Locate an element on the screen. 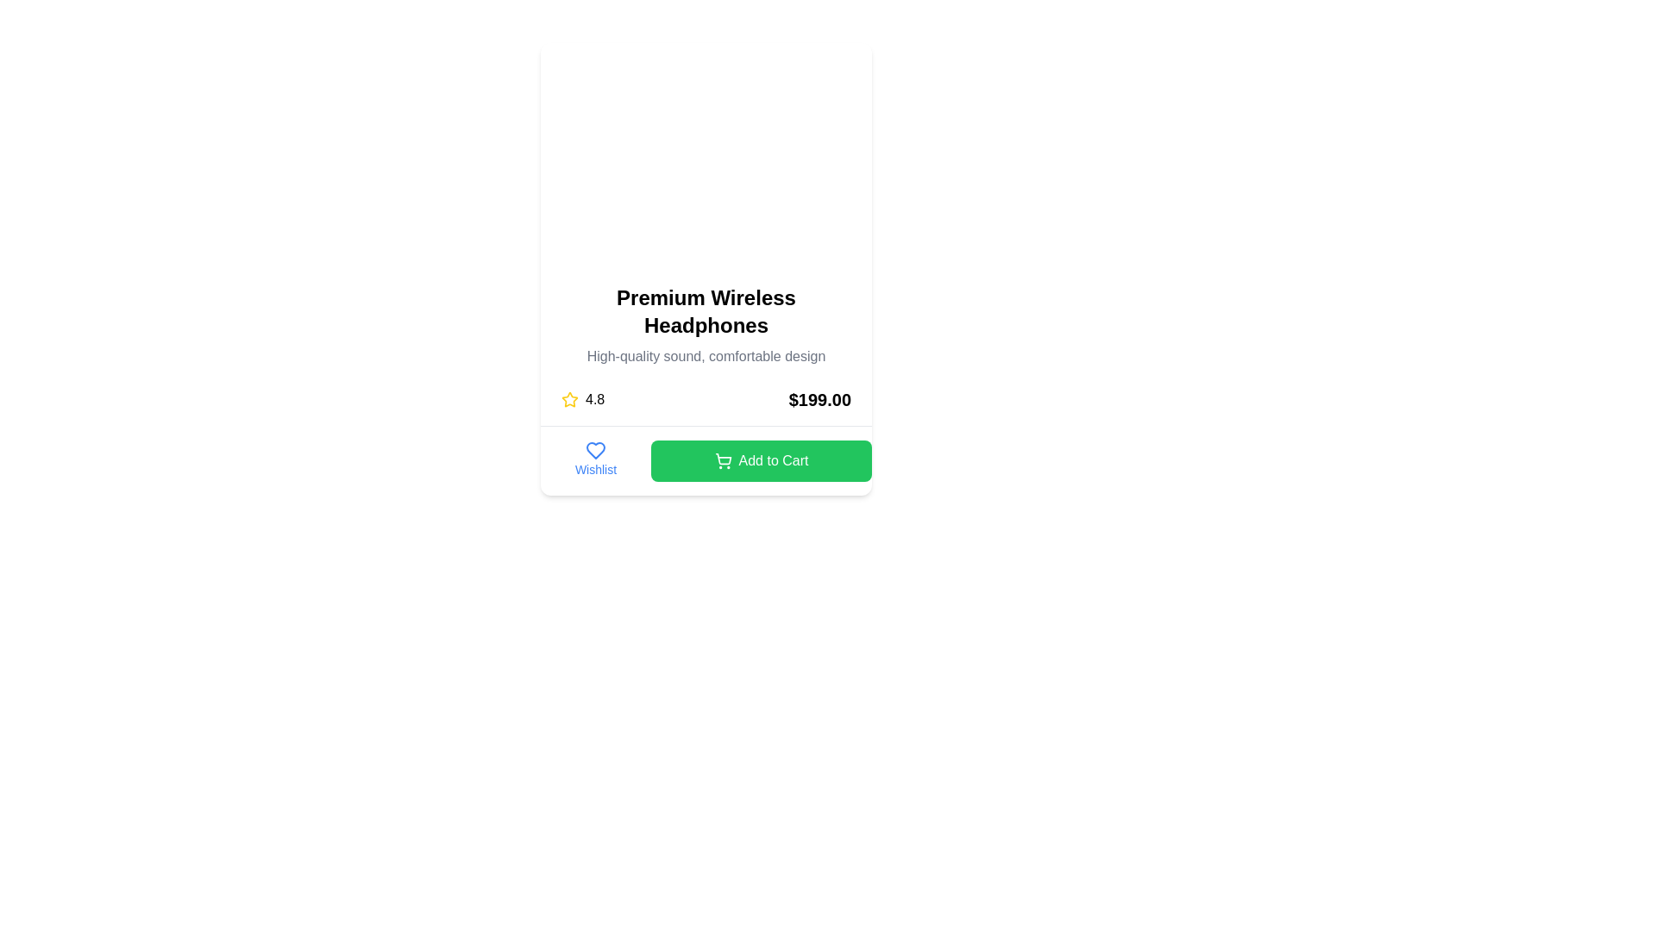  on the heart-shaped icon representing the 'Wishlist' feature located in the bottom-left corner of the product card, next is located at coordinates (596, 450).